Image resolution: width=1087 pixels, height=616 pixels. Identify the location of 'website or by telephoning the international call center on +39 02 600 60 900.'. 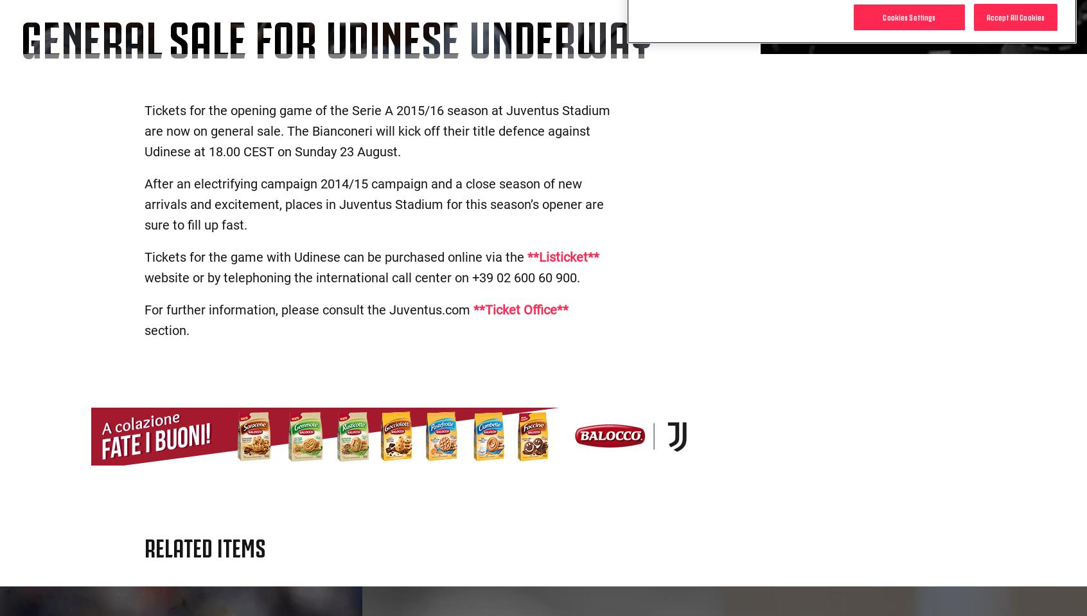
(362, 277).